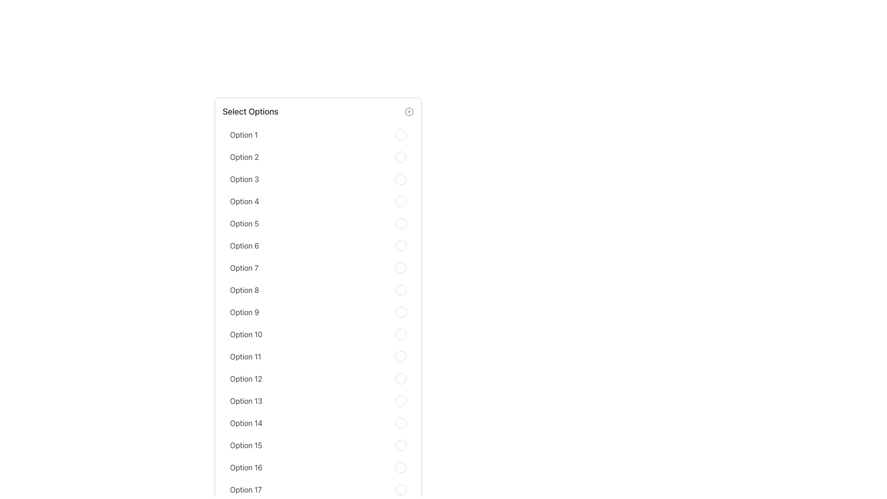 The width and height of the screenshot is (887, 499). I want to click on the text label displaying 'Option 16', which is styled in dark gray and positioned as the sixteenth item in a vertical list of options, so click(246, 467).